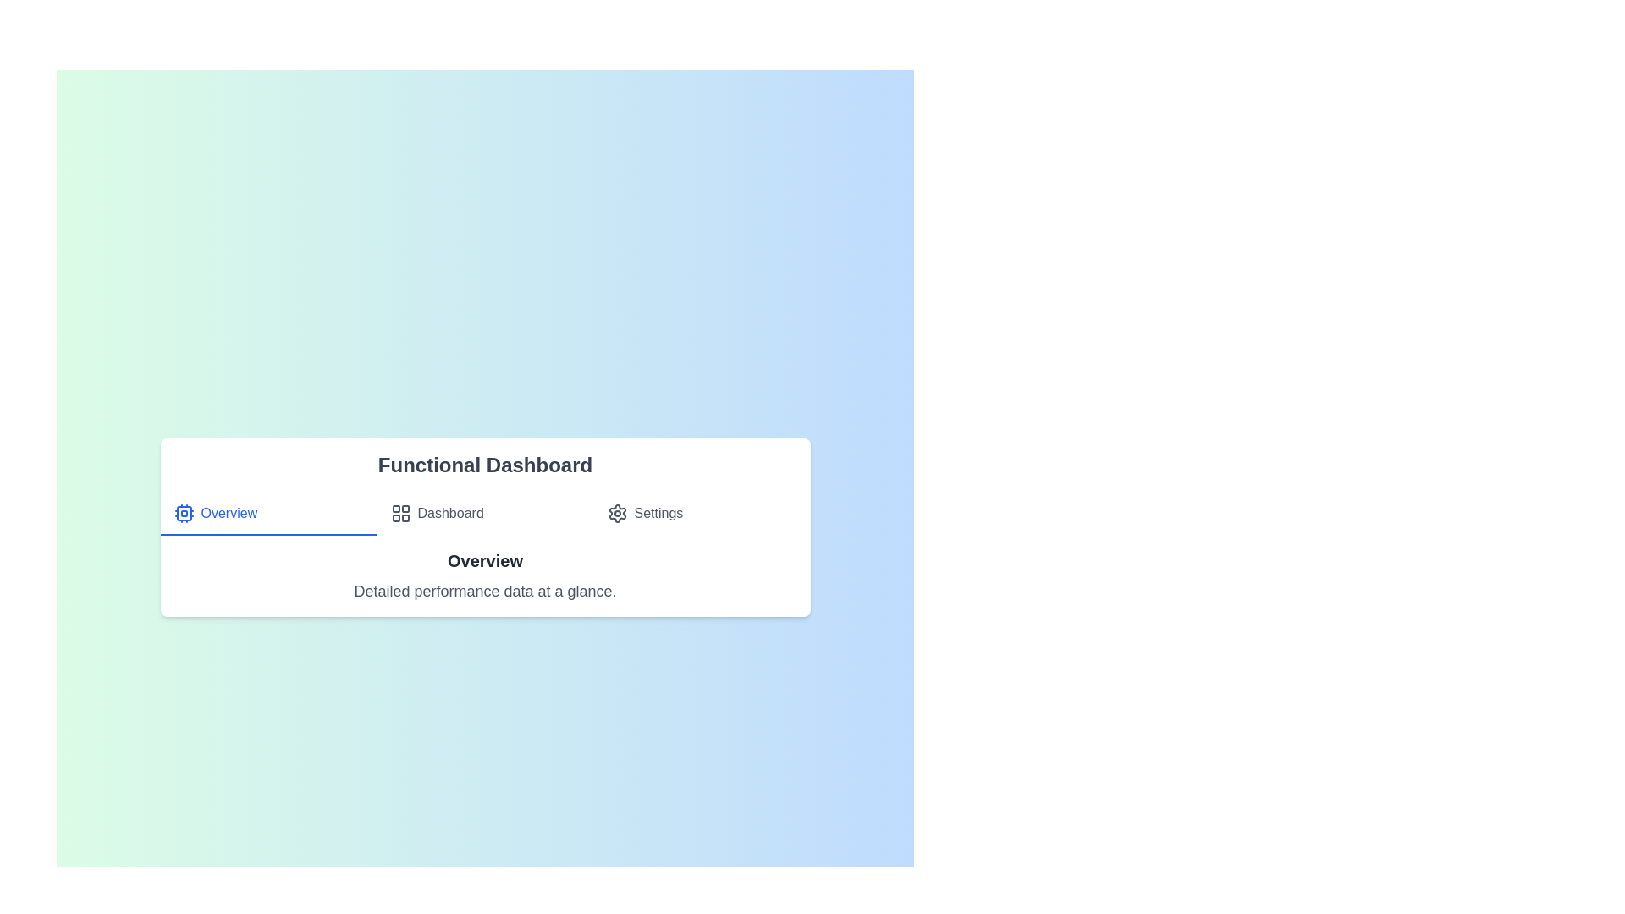 Image resolution: width=1625 pixels, height=914 pixels. I want to click on the Overview tab by clicking on it, so click(267, 513).